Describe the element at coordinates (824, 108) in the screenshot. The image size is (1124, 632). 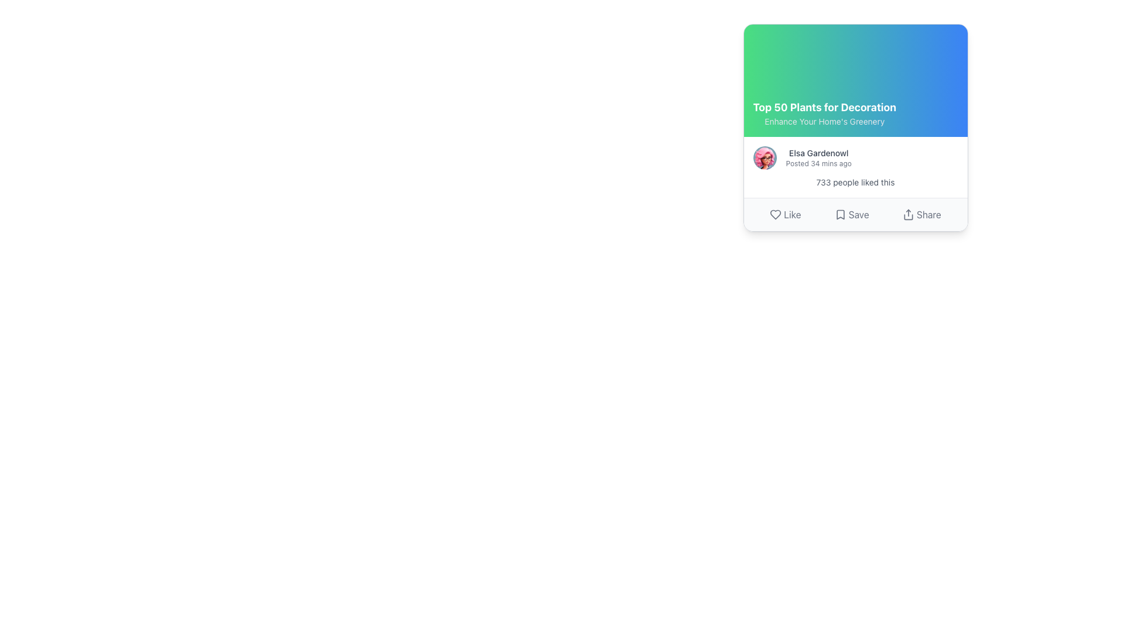
I see `title text located at the upper portion of the card layout, which serves as the heading for the content` at that location.